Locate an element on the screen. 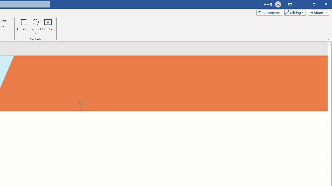 The height and width of the screenshot is (186, 332). 'Equation' is located at coordinates (23, 22).